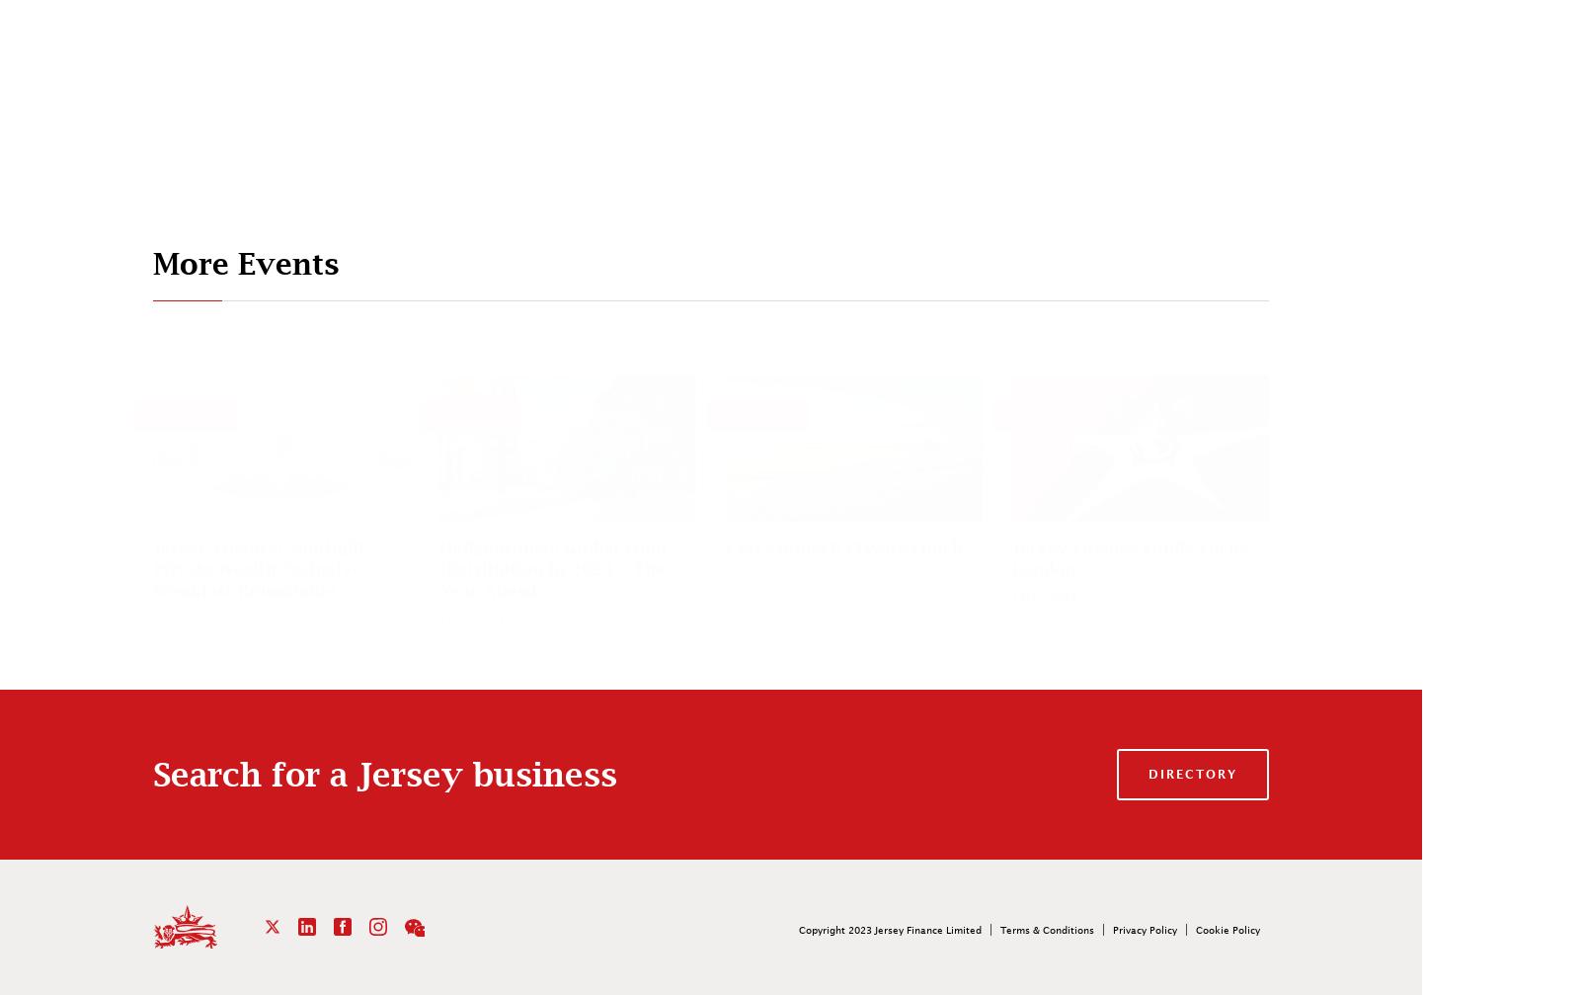 The image size is (1585, 995). What do you see at coordinates (1047, 929) in the screenshot?
I see `'Terms & Conditions'` at bounding box center [1047, 929].